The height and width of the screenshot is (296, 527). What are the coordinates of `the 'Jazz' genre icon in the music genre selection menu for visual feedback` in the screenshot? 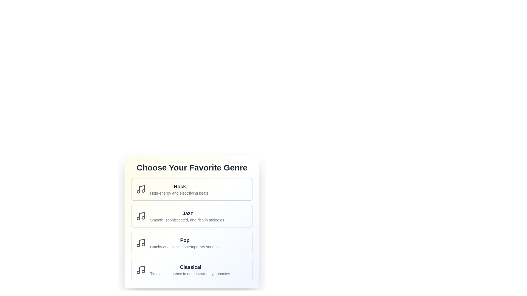 It's located at (142, 215).